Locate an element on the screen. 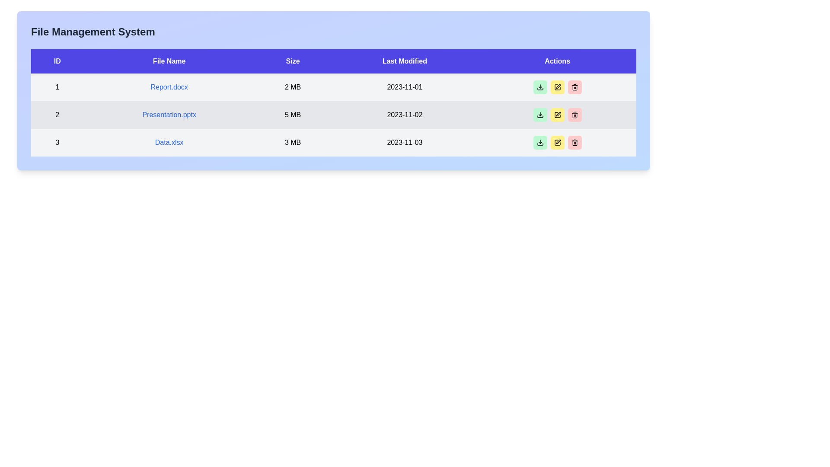  the edit button in the Actions column of the first row in the table to observe the hover styling change is located at coordinates (557, 87).